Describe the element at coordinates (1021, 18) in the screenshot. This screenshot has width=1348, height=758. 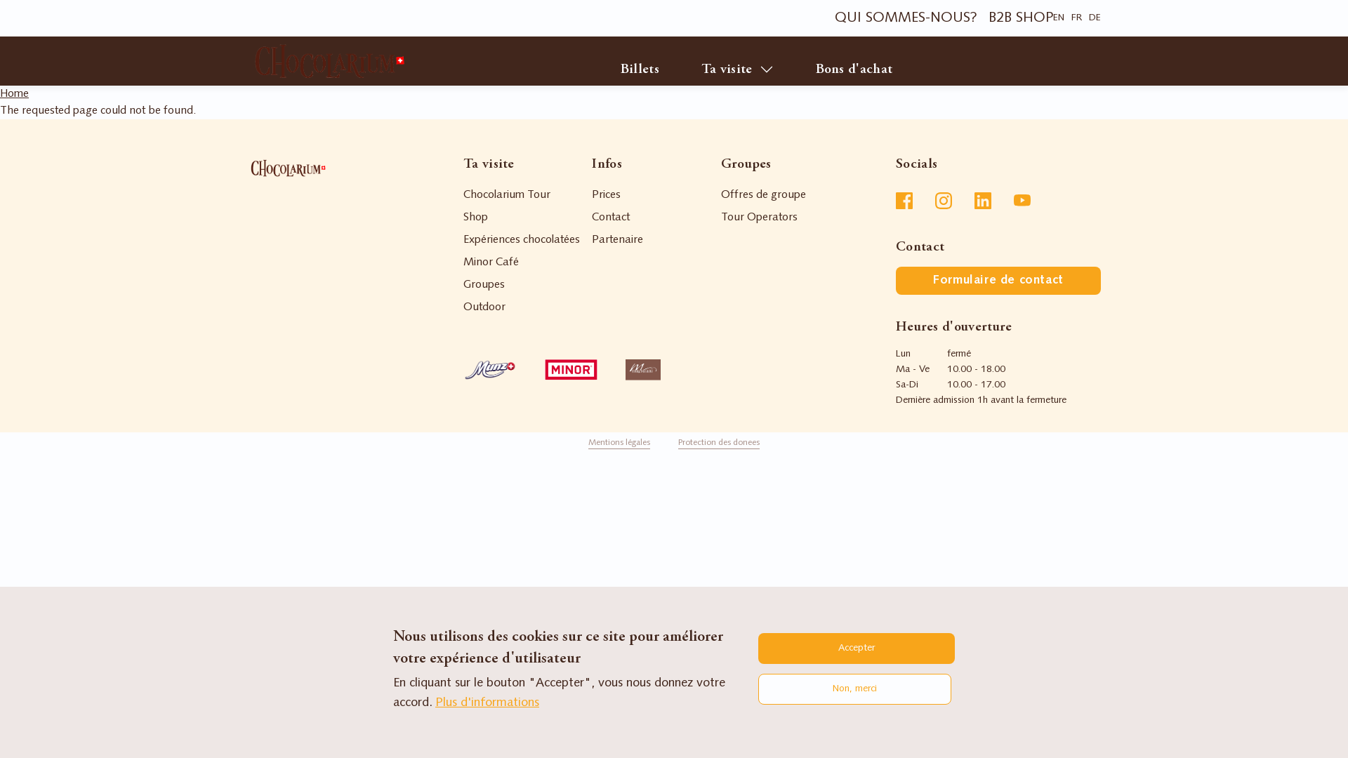
I see `'B2B SHOP'` at that location.